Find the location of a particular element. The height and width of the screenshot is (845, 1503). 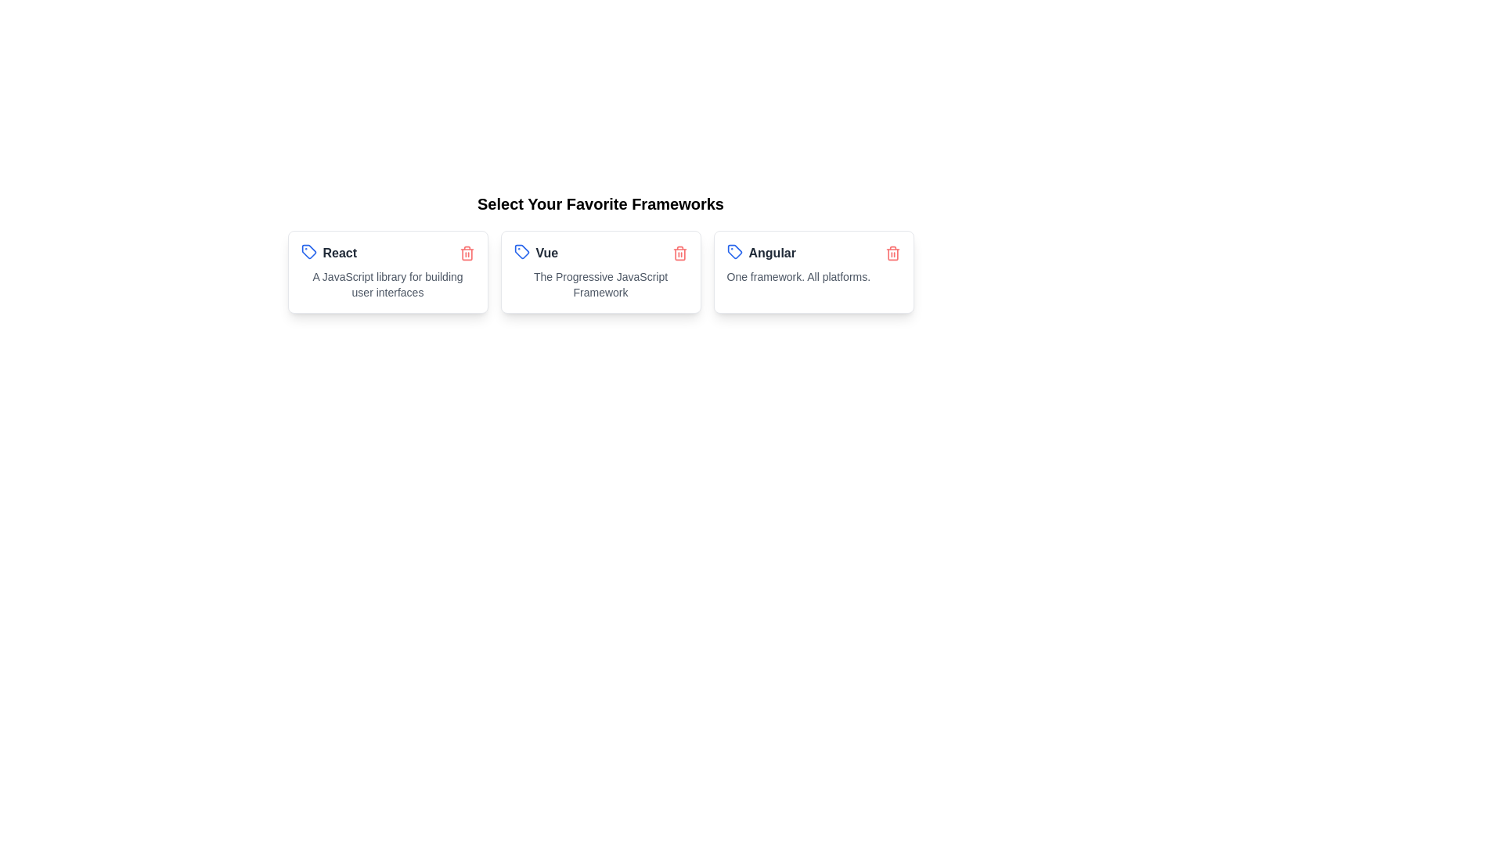

the delete icon of the chip labeled Vue to remove it is located at coordinates (679, 253).